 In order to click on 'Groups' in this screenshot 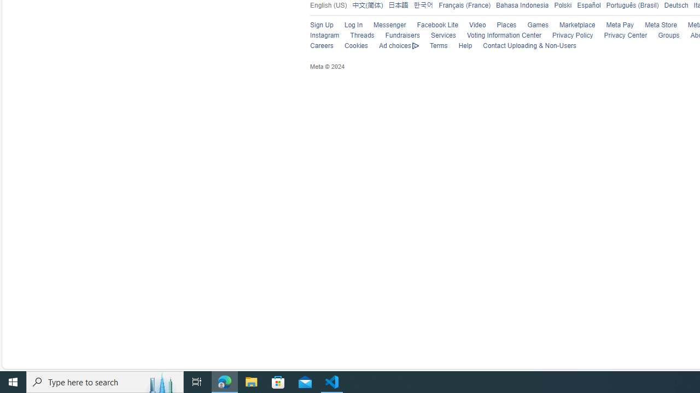, I will do `click(668, 35)`.